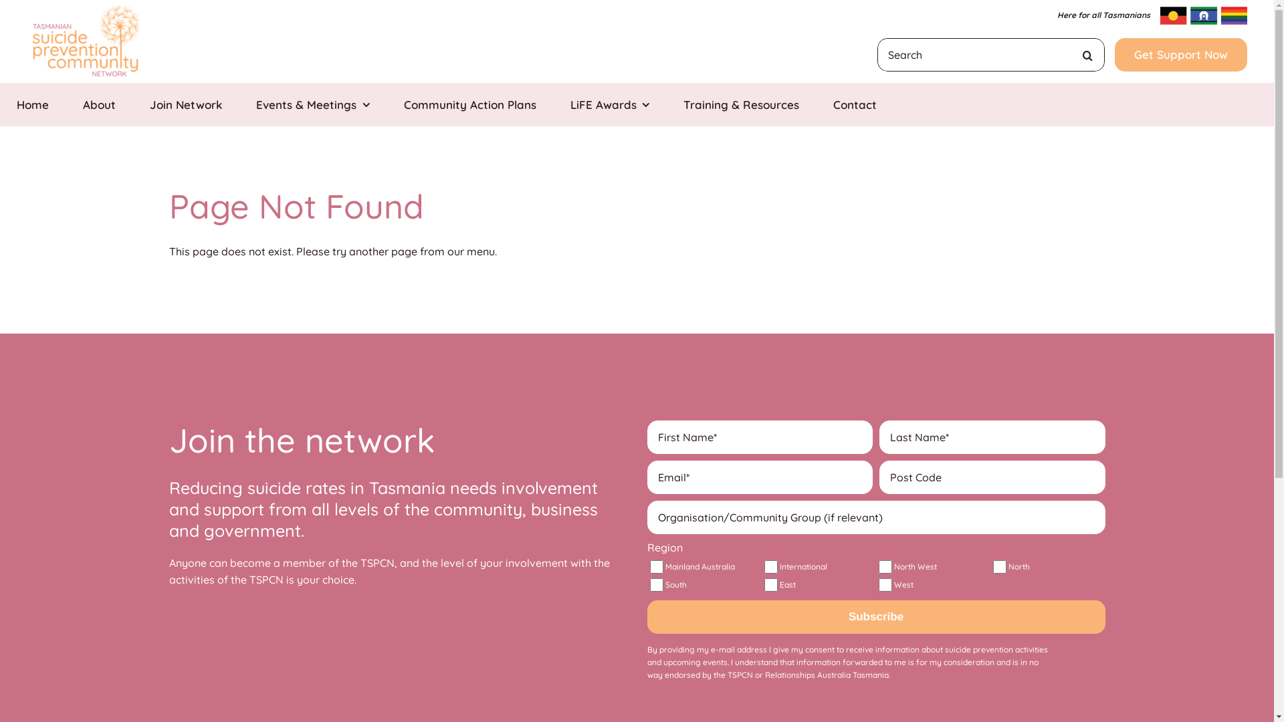 This screenshot has width=1284, height=722. I want to click on 'Contact', so click(854, 104).